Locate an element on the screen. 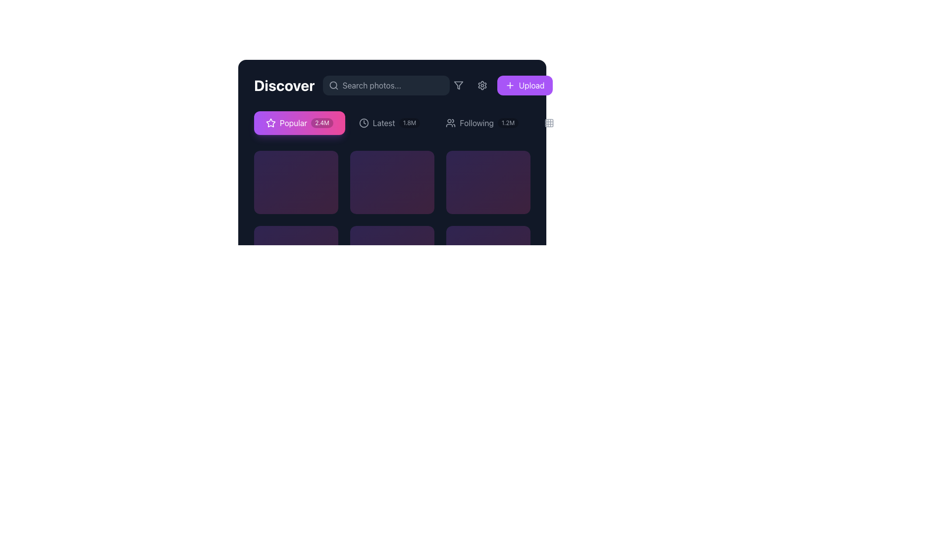 This screenshot has height=534, width=951. the filter icon, represented by a funnel shape, located in the top-right corner of the application's header bar to initiate a filtering action is located at coordinates (458, 85).